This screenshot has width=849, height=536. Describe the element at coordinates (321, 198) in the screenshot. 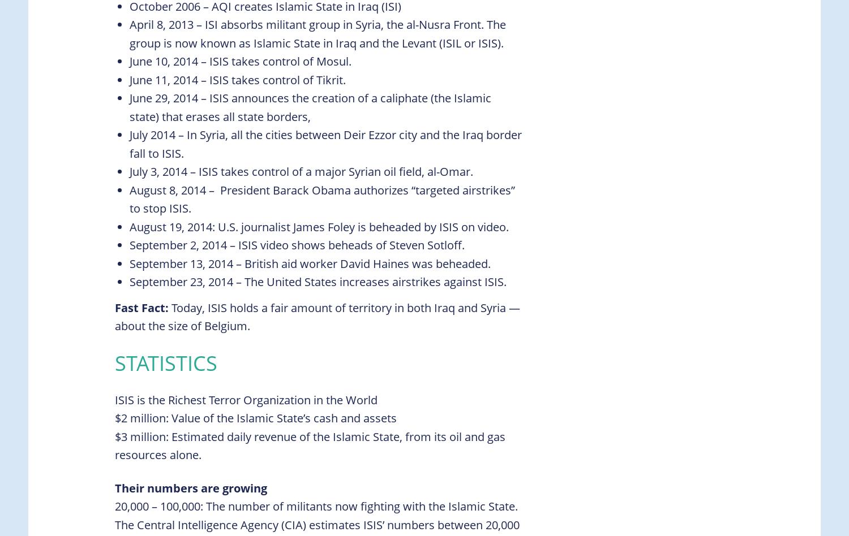

I see `'August 8, 2014 –  President Barack Obama authorizes “targeted airstrikes” to stop ISIS.'` at that location.